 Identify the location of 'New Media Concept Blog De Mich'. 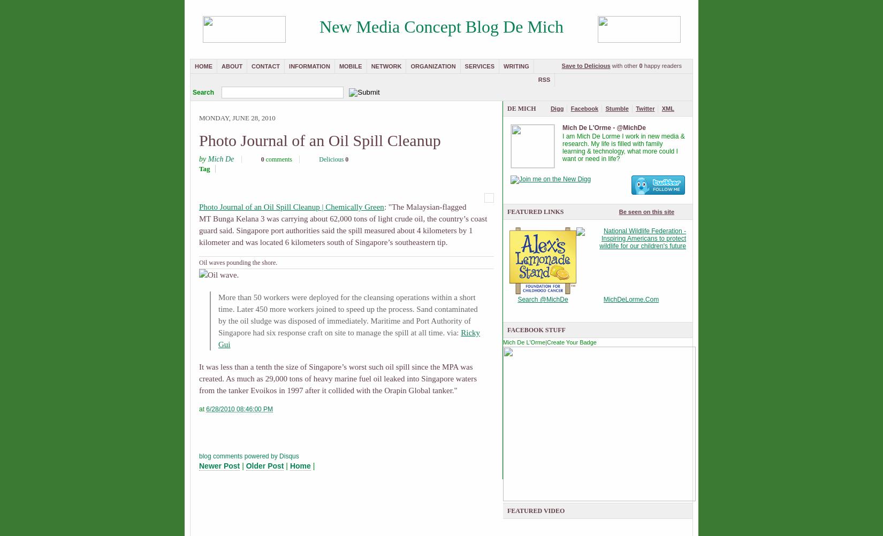
(440, 26).